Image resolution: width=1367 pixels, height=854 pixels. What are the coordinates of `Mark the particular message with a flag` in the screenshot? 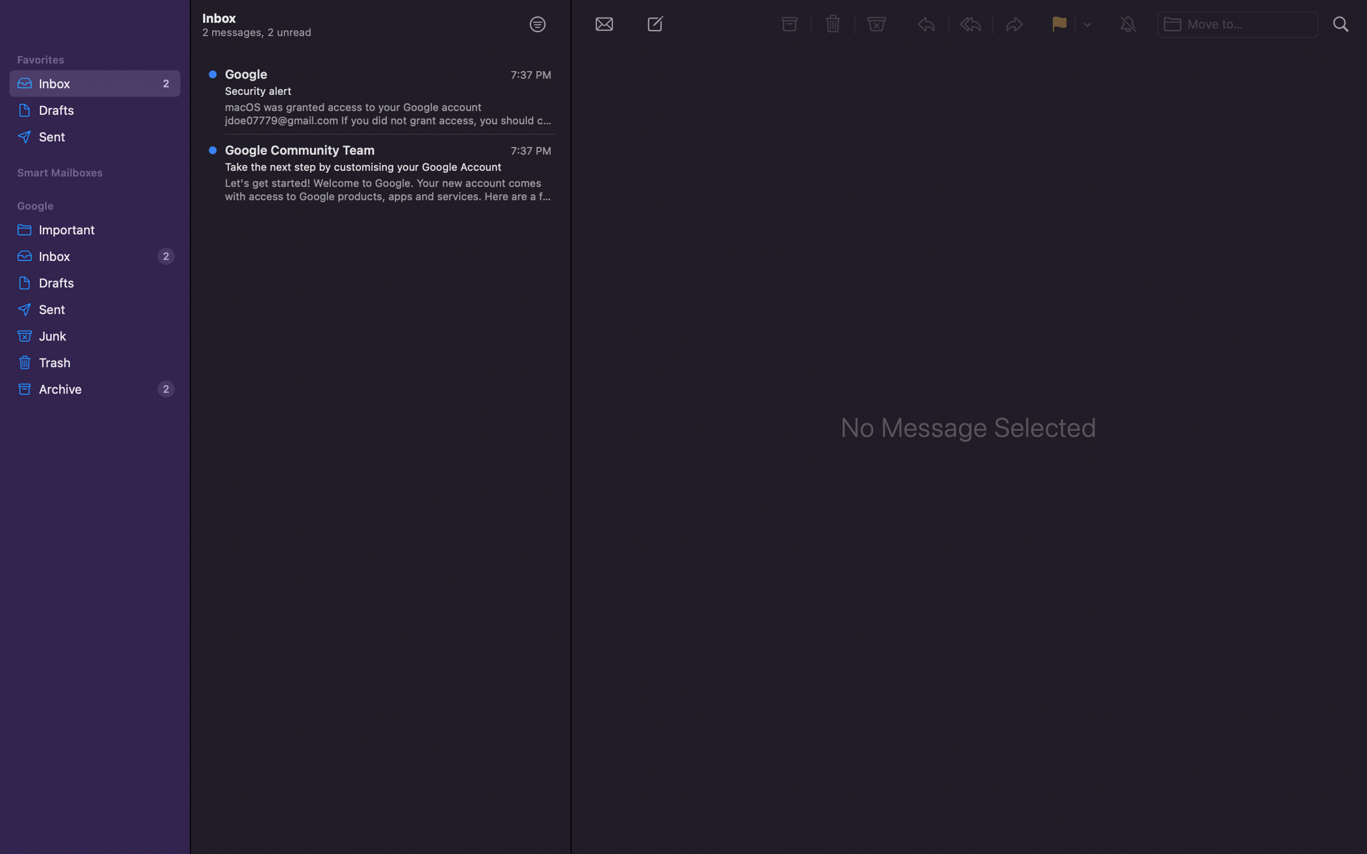 It's located at (1059, 23).